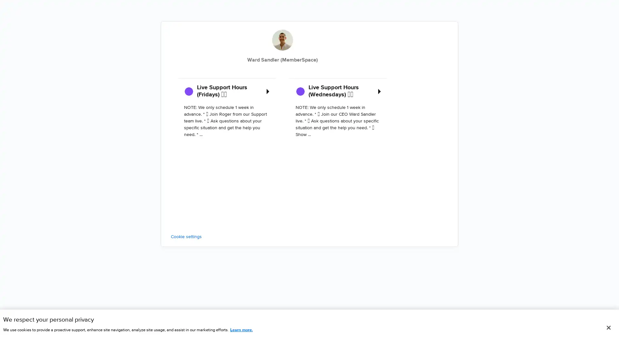 Image resolution: width=619 pixels, height=348 pixels. Describe the element at coordinates (164, 237) in the screenshot. I see `Cookie settings` at that location.